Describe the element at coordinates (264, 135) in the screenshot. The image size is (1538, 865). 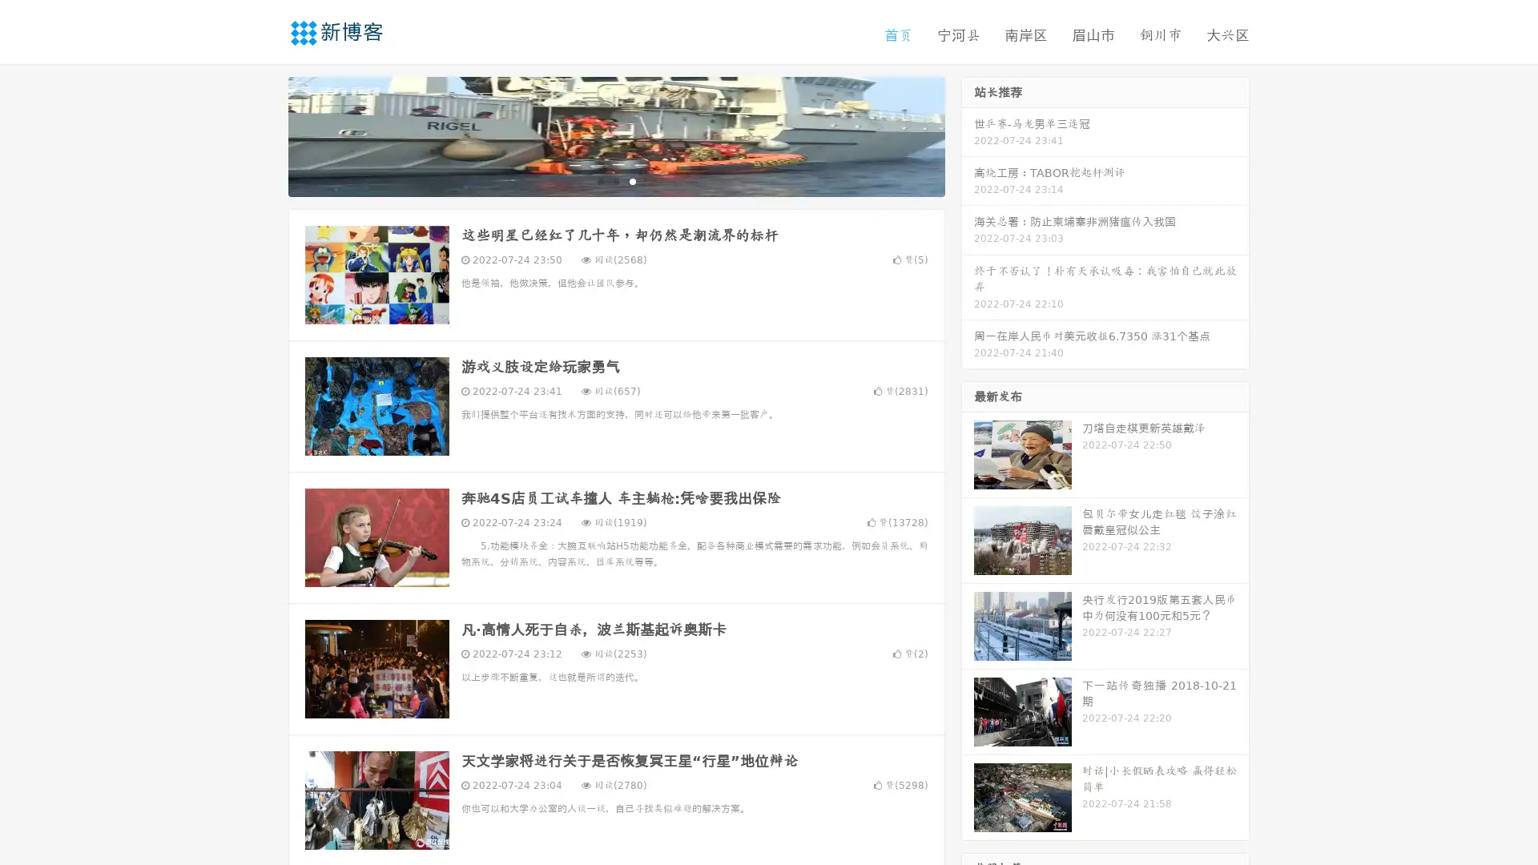
I see `Previous slide` at that location.